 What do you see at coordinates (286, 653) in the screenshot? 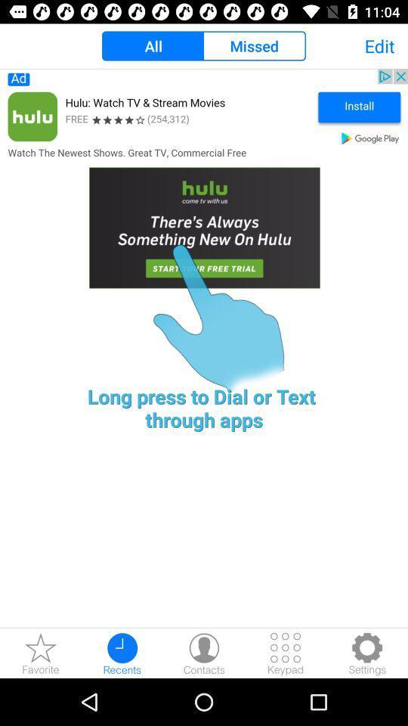
I see `show keypad` at bounding box center [286, 653].